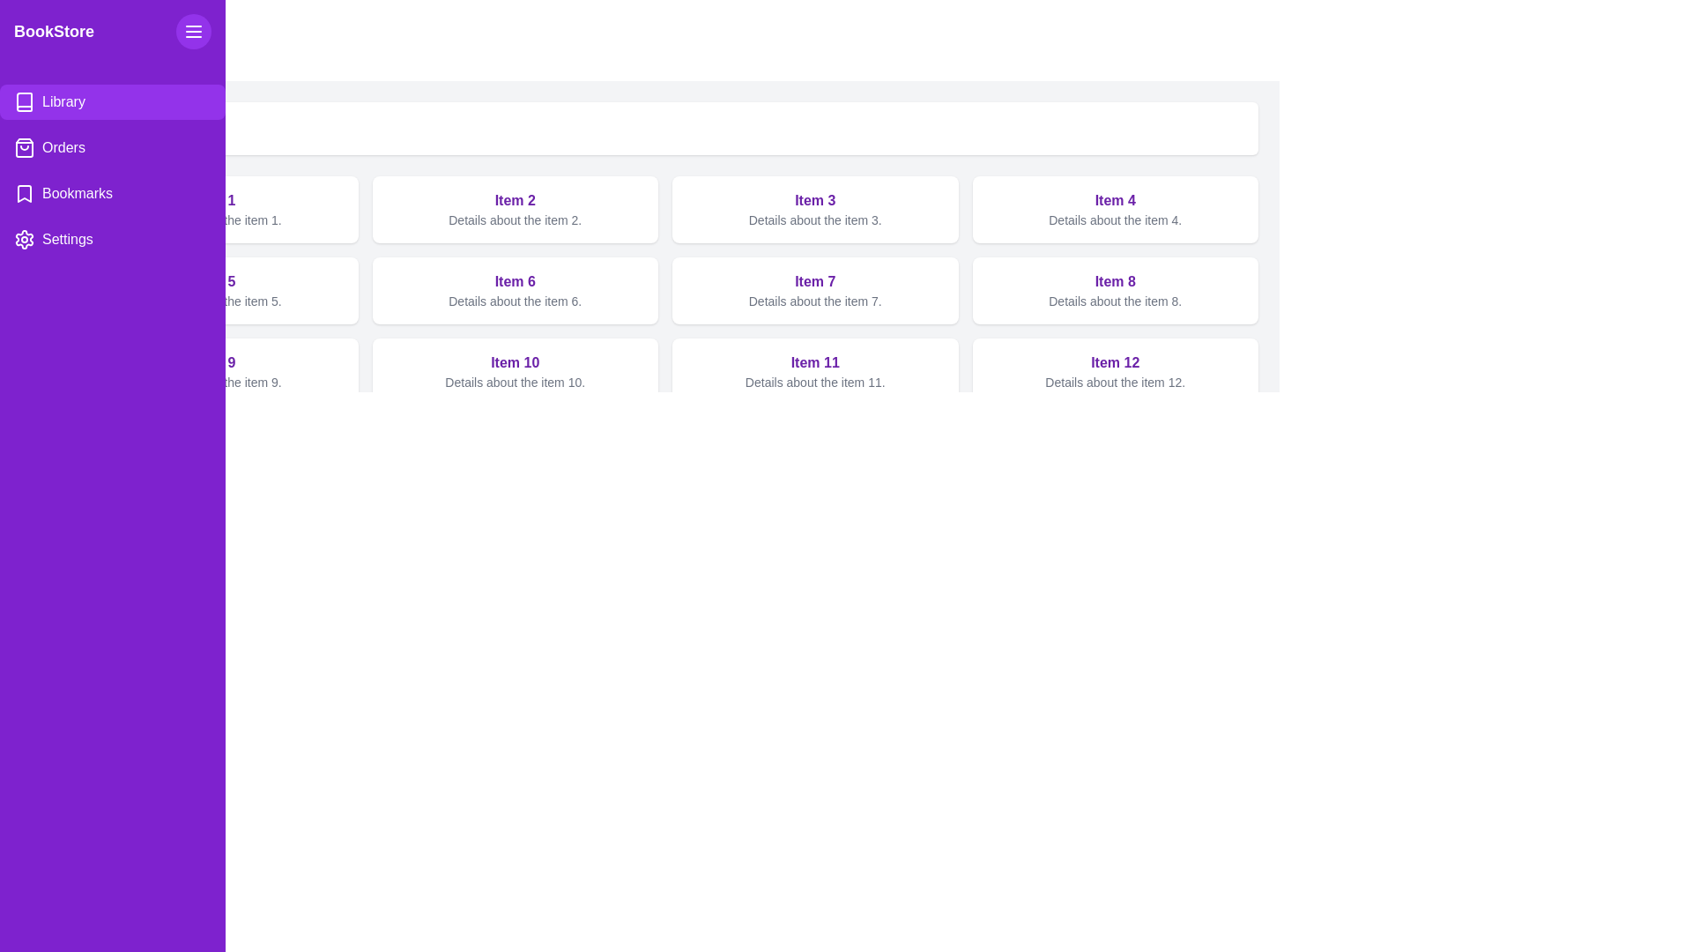  Describe the element at coordinates (514, 362) in the screenshot. I see `the text label 'Item 10' which is styled with a bold purple font and positioned within the bottom row of a grid layout` at that location.